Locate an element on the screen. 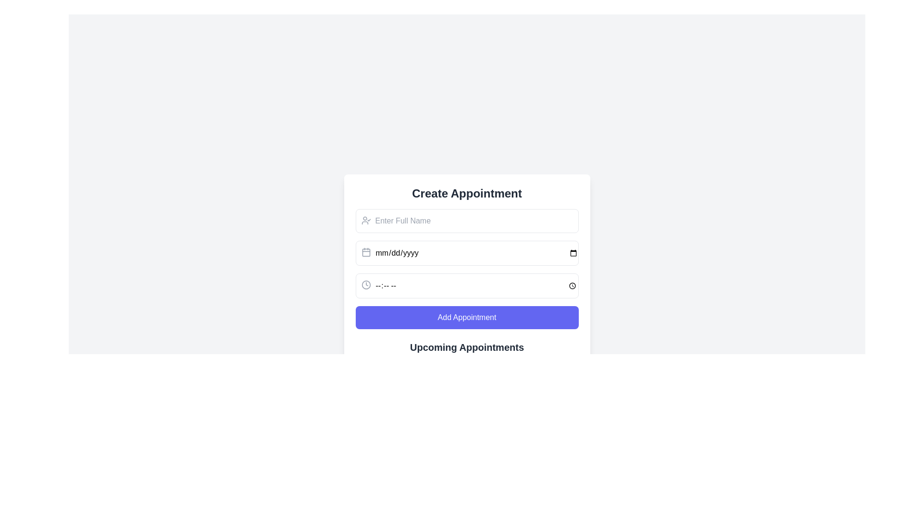 This screenshot has height=519, width=923. the Icon element which is a rounded rectangle located inside the SVG calendar icon, positioned to the left of the date input field in the form is located at coordinates (365, 252).